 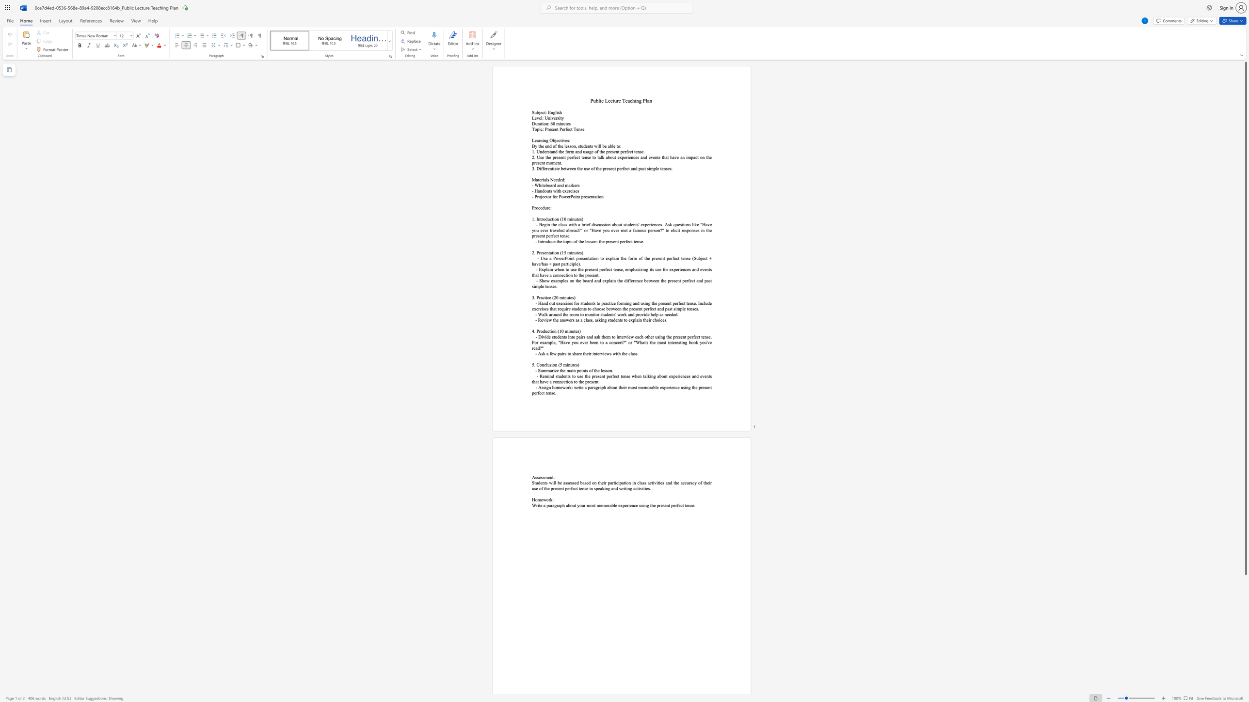 I want to click on the subset text "provide" within the text "students", so click(x=636, y=314).